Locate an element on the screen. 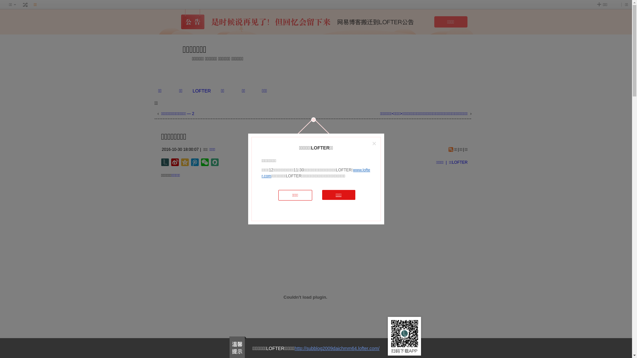  ' ' is located at coordinates (25, 5).